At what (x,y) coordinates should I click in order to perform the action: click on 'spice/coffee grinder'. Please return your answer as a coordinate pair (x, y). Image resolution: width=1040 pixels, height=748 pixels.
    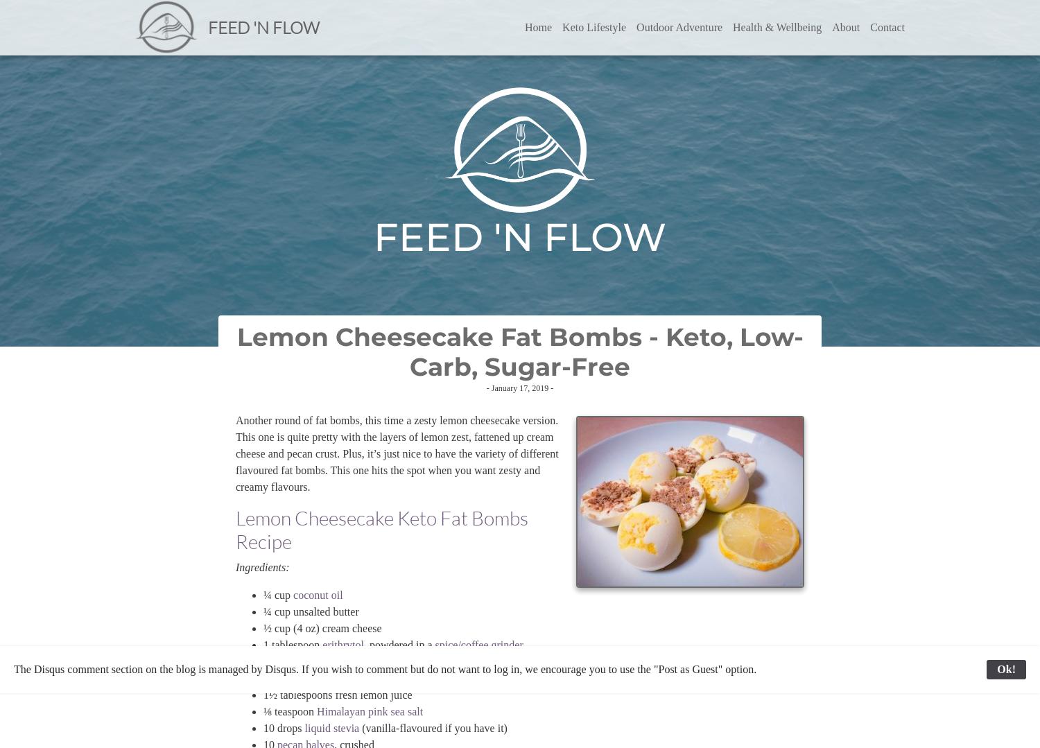
    Looking at the image, I should click on (478, 644).